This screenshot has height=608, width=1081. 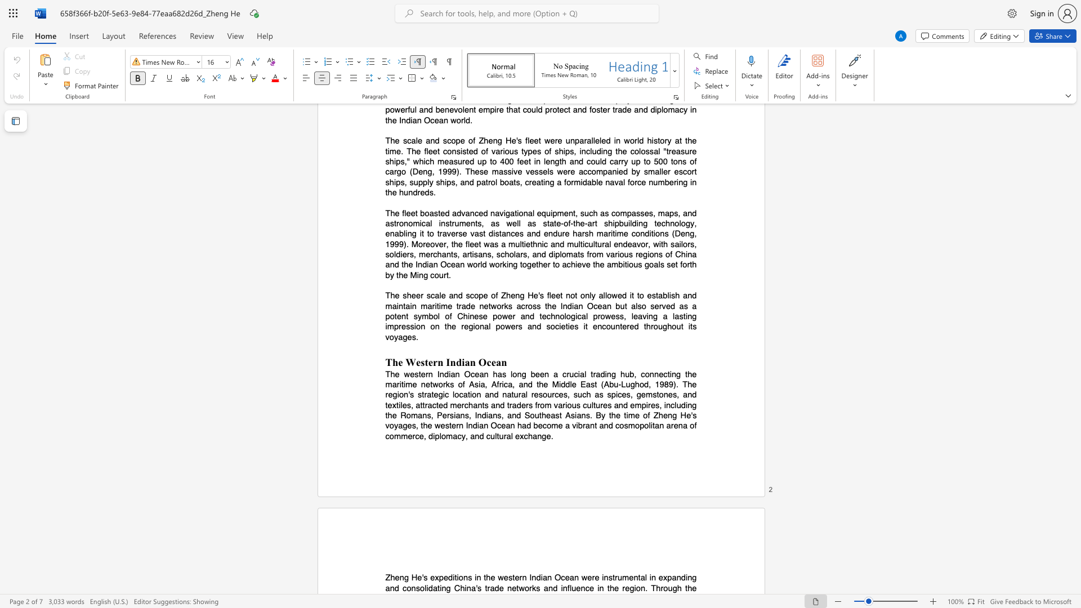 I want to click on the subset text "ca, and the Middle East (Abu-Lughod, 1989). The region" within the text "The western Indian Ocean has long been a crucial trading hub, connecting the maritime networks of Asia, Africa, and the Middle East (Abu-Lughod, 1989). The region", so click(x=503, y=383).